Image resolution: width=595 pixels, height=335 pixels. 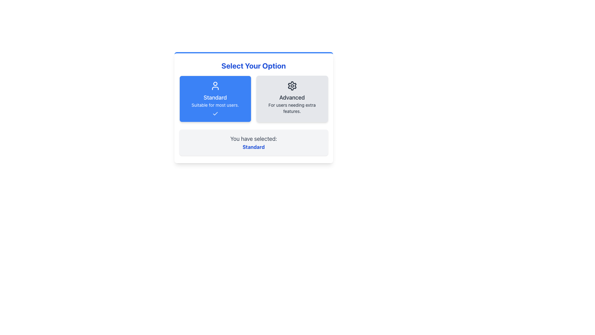 I want to click on the bold, centered text label displaying 'Select Your Option' that is styled in a large, blue font, located at the top center of the dialog box, so click(x=253, y=66).